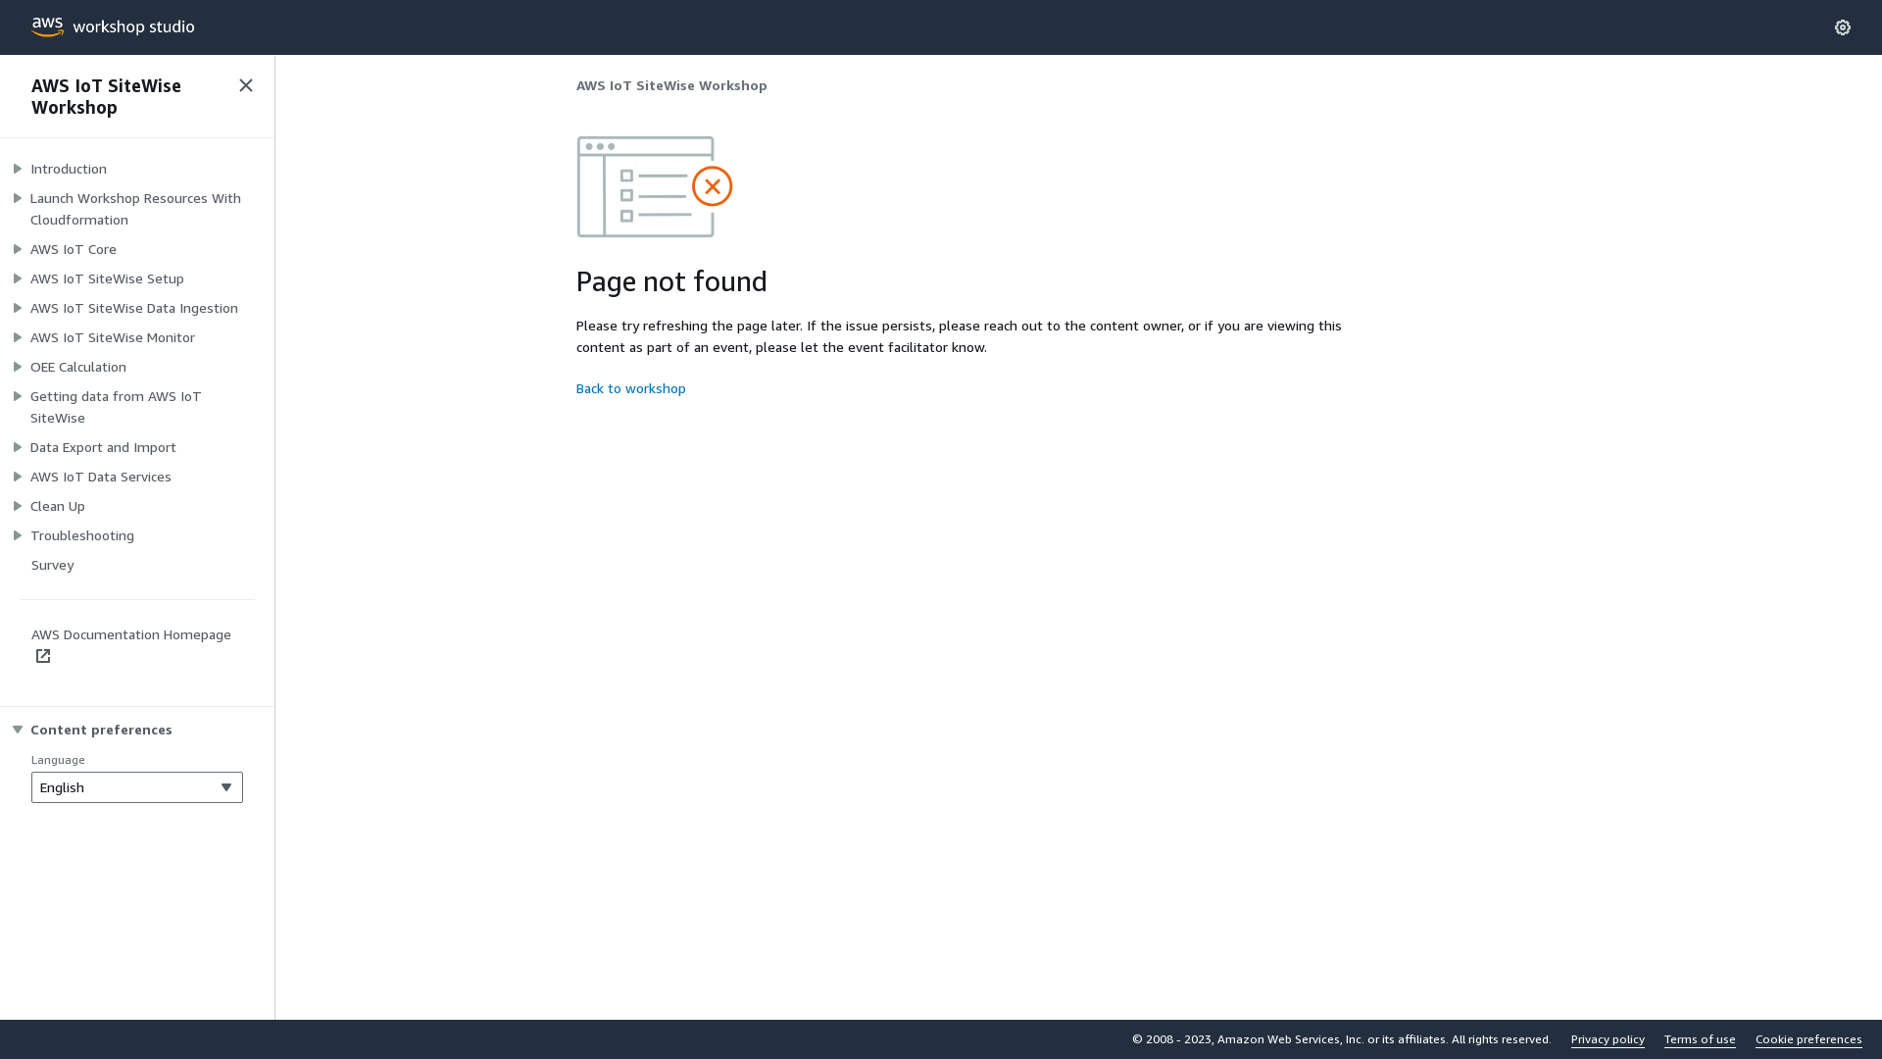 The image size is (1882, 1059). I want to click on 'Terms of use', so click(1699, 1038).